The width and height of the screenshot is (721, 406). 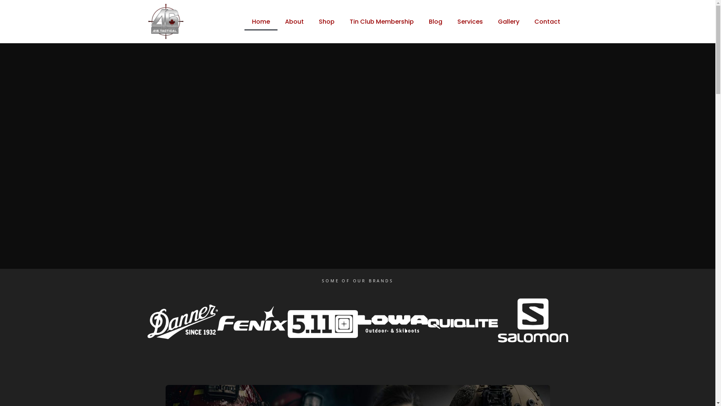 I want to click on 'Shop', so click(x=326, y=21).